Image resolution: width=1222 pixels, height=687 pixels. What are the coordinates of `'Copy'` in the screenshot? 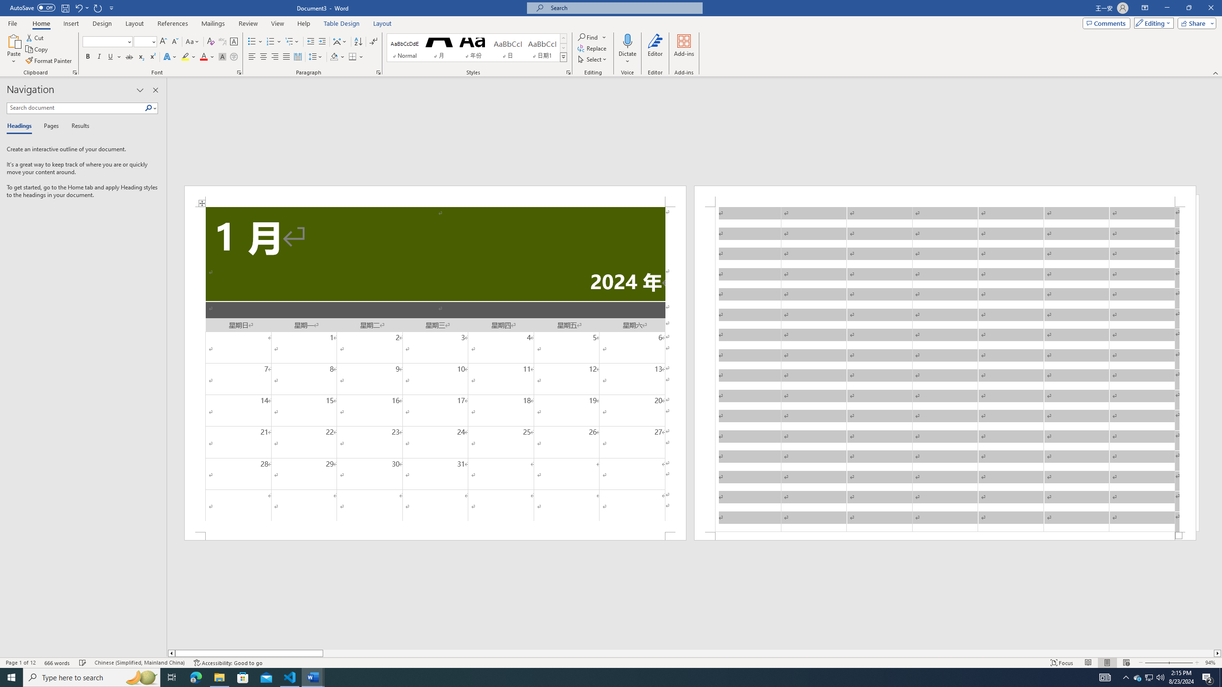 It's located at (37, 49).